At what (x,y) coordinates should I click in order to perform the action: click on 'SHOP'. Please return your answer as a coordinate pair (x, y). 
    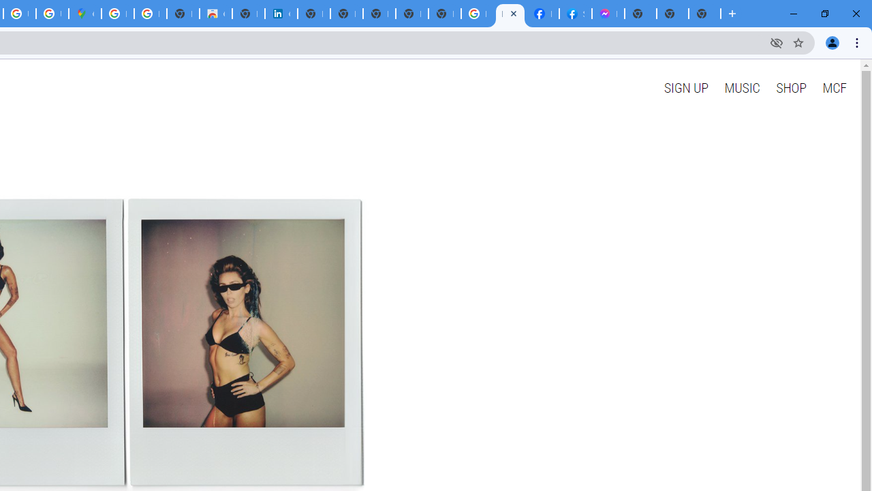
    Looking at the image, I should click on (791, 87).